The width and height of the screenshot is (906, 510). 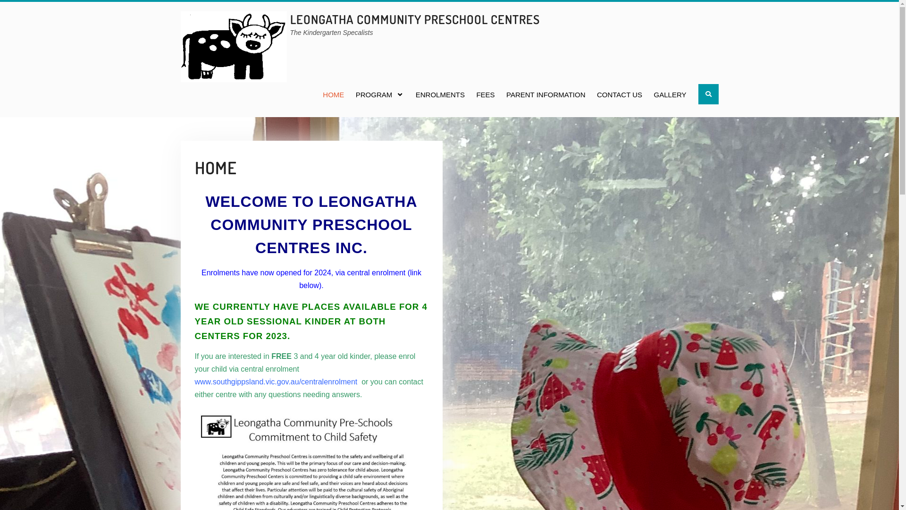 What do you see at coordinates (485, 94) in the screenshot?
I see `'FEES'` at bounding box center [485, 94].